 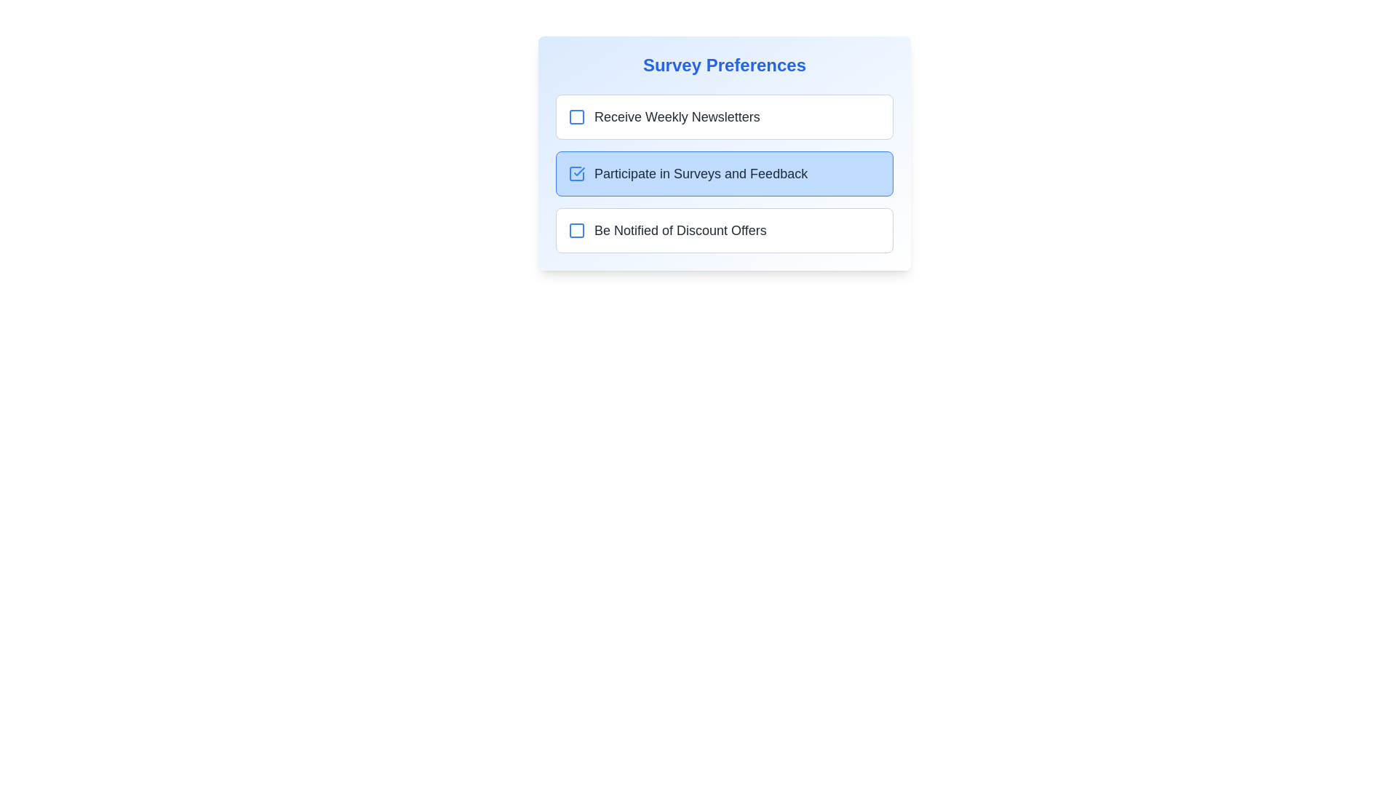 What do you see at coordinates (576, 173) in the screenshot?
I see `the Checkbox state indicator for the 'Participate in Surveys and Feedback' option, which is styled as a square with a checkmark and located centrally within the checkbox` at bounding box center [576, 173].